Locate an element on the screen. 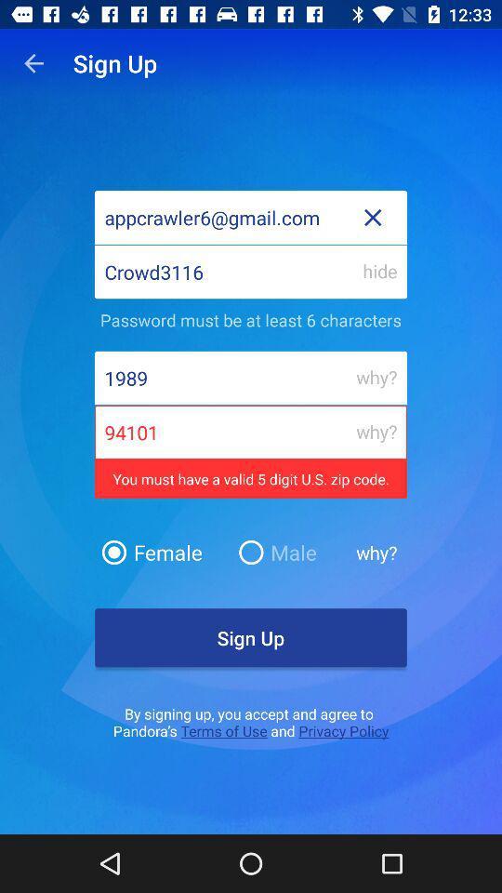 The image size is (502, 893). female is located at coordinates (163, 553).